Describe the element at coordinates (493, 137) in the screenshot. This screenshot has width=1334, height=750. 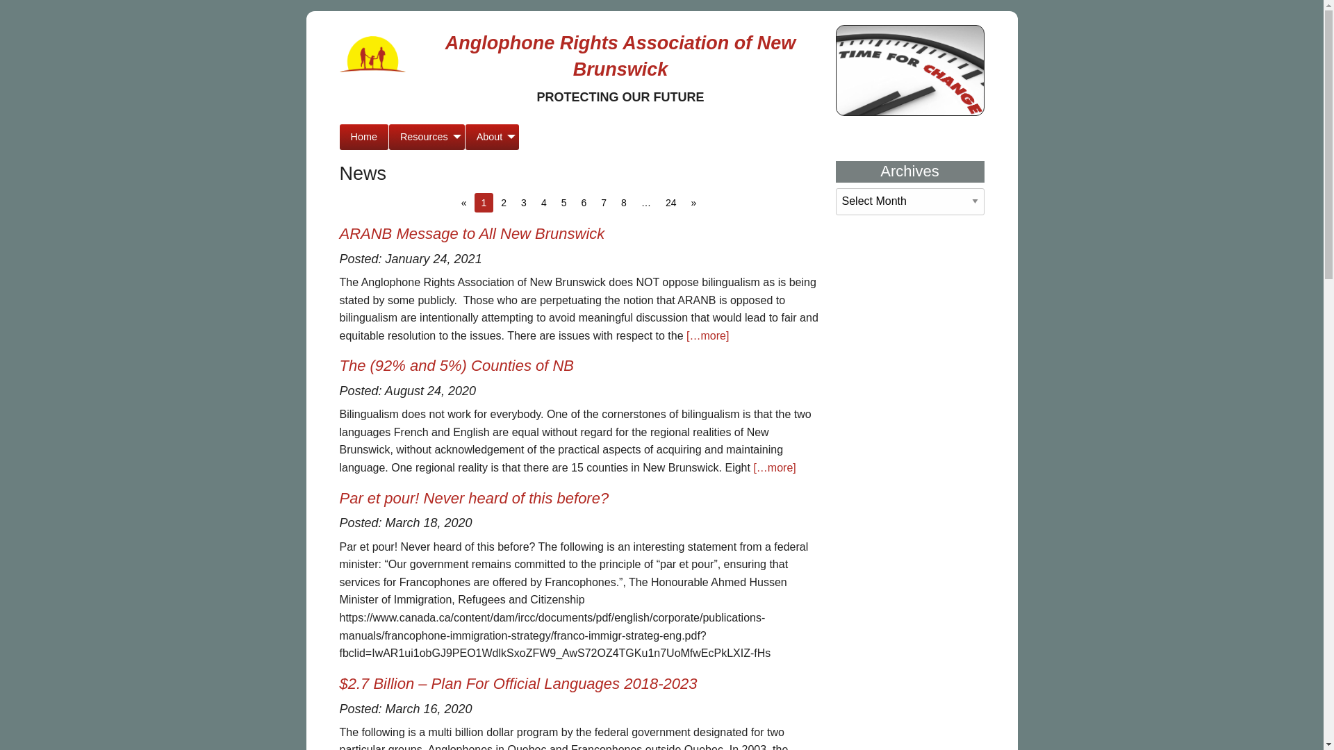
I see `'About'` at that location.